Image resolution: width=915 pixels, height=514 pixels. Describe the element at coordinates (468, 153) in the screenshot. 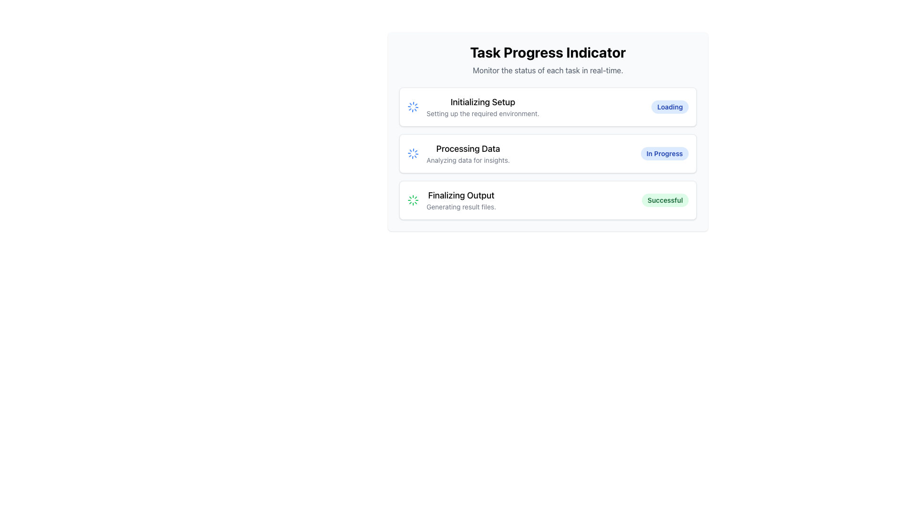

I see `the status indicator displaying 'Processing Data' with a description stating 'Analyzing data for insights', located in the Task Progress Indicator section` at that location.